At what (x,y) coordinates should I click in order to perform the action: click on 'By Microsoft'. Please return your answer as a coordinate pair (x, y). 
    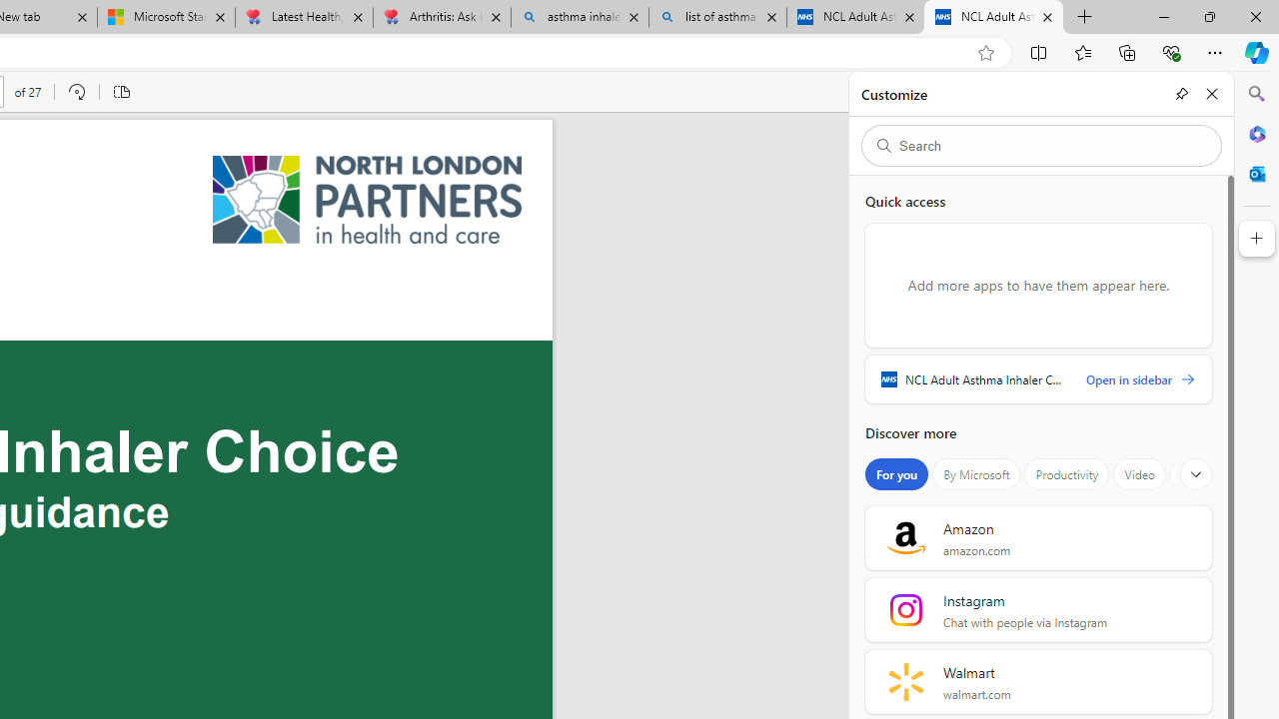
    Looking at the image, I should click on (976, 474).